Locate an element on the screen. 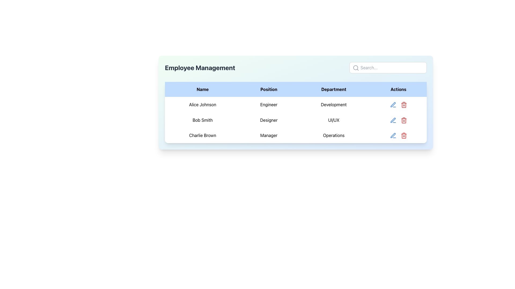 Image resolution: width=515 pixels, height=289 pixels. the text 'Manager' located in the second column of the third row of the table, under the 'Position' column, aligned with 'Charlie Brown' is located at coordinates (269, 135).